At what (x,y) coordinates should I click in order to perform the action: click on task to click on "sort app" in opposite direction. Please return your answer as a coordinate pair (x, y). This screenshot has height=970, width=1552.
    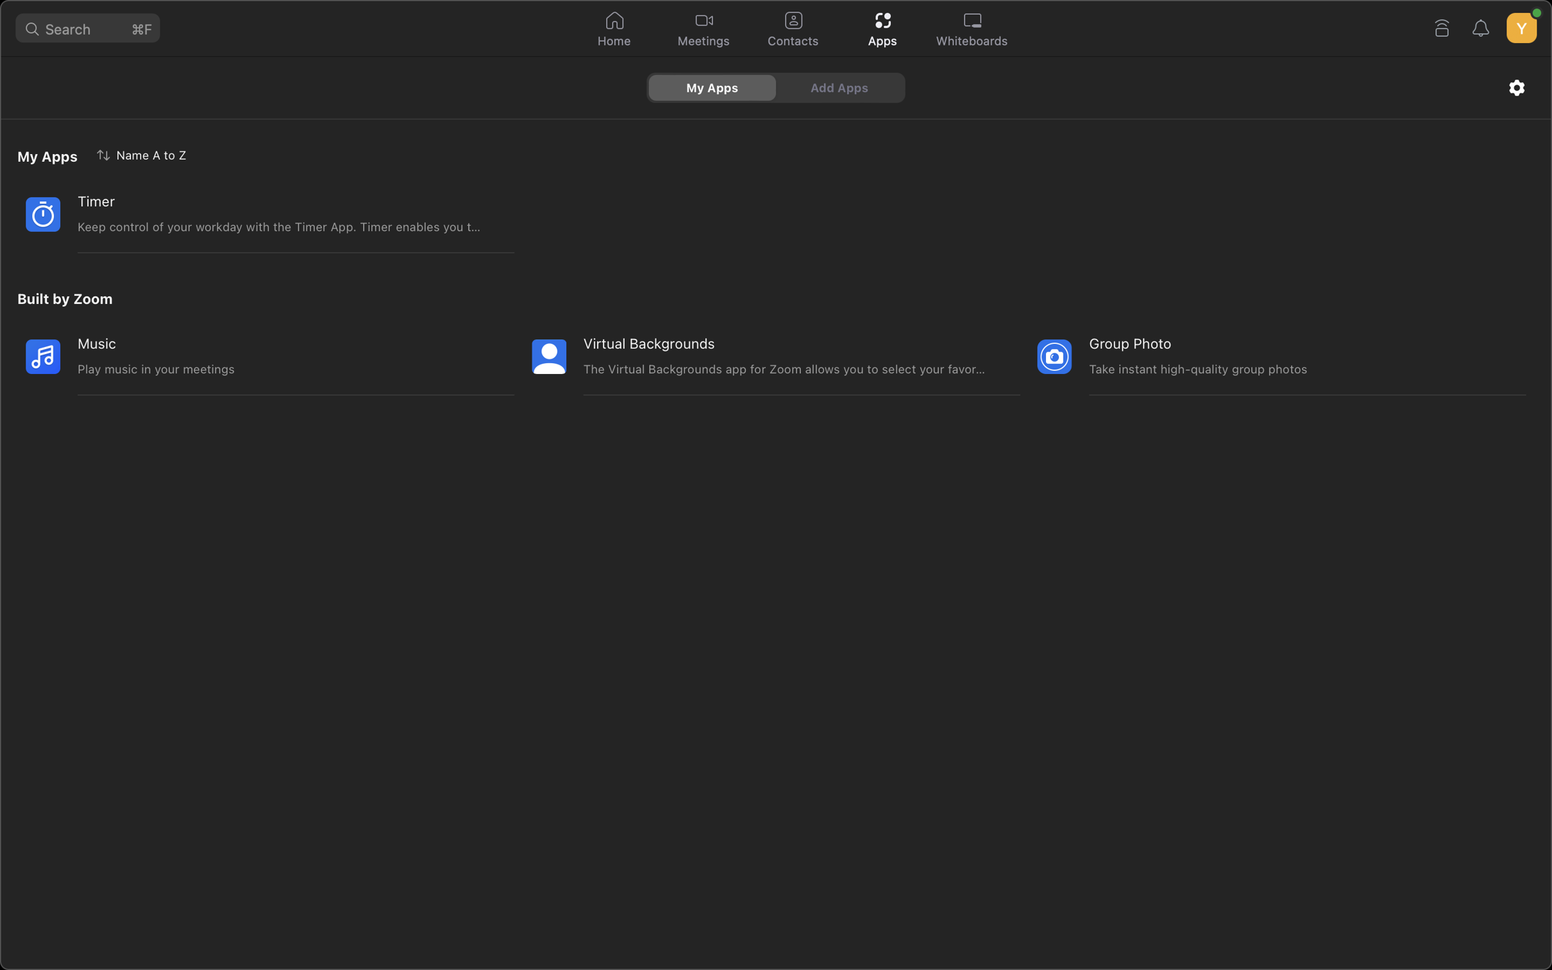
    Looking at the image, I should click on (144, 153).